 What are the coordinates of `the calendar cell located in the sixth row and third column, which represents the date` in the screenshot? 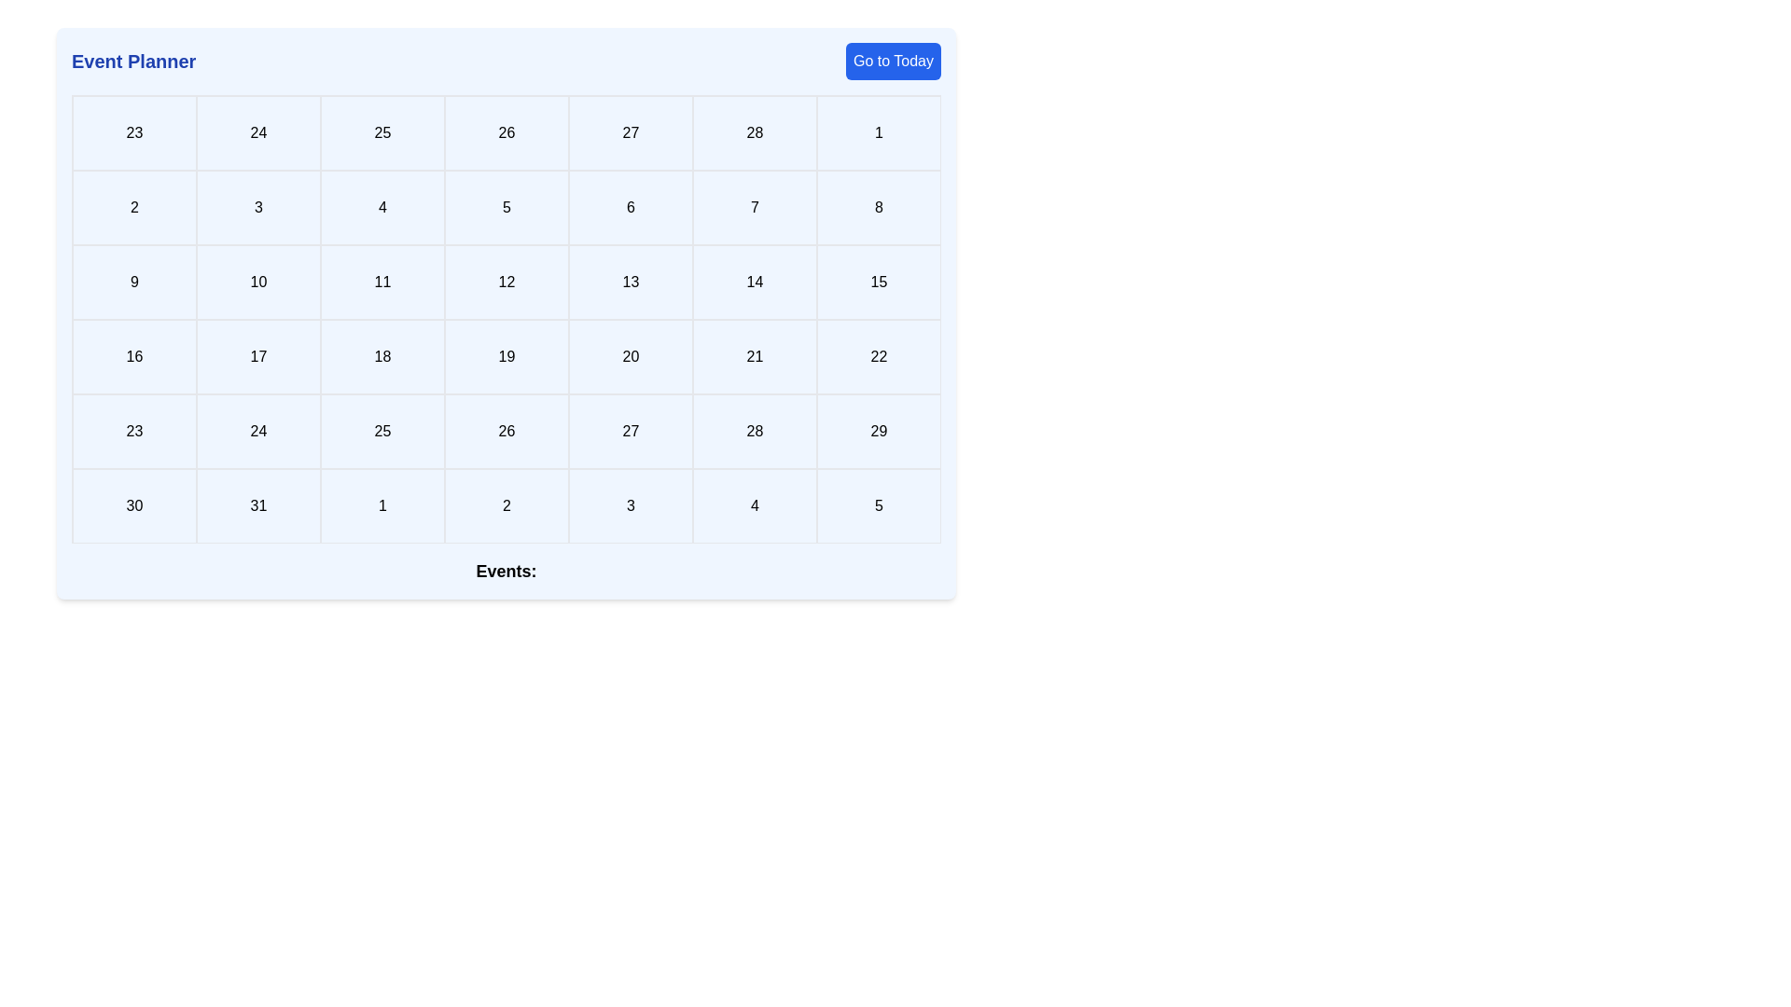 It's located at (382, 506).